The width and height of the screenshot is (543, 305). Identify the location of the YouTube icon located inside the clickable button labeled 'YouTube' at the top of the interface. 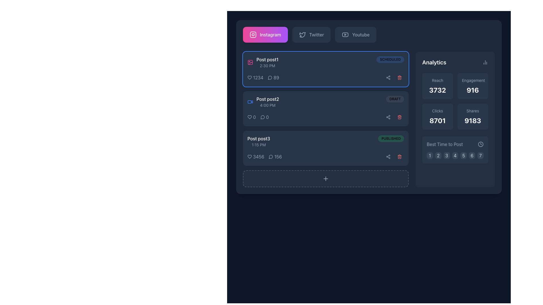
(345, 35).